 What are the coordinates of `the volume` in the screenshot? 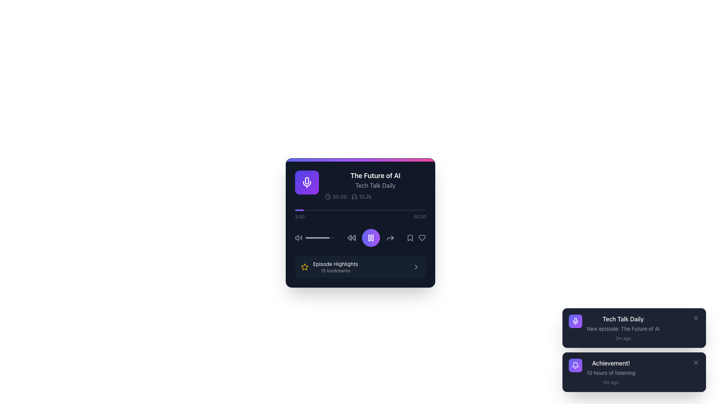 It's located at (314, 238).